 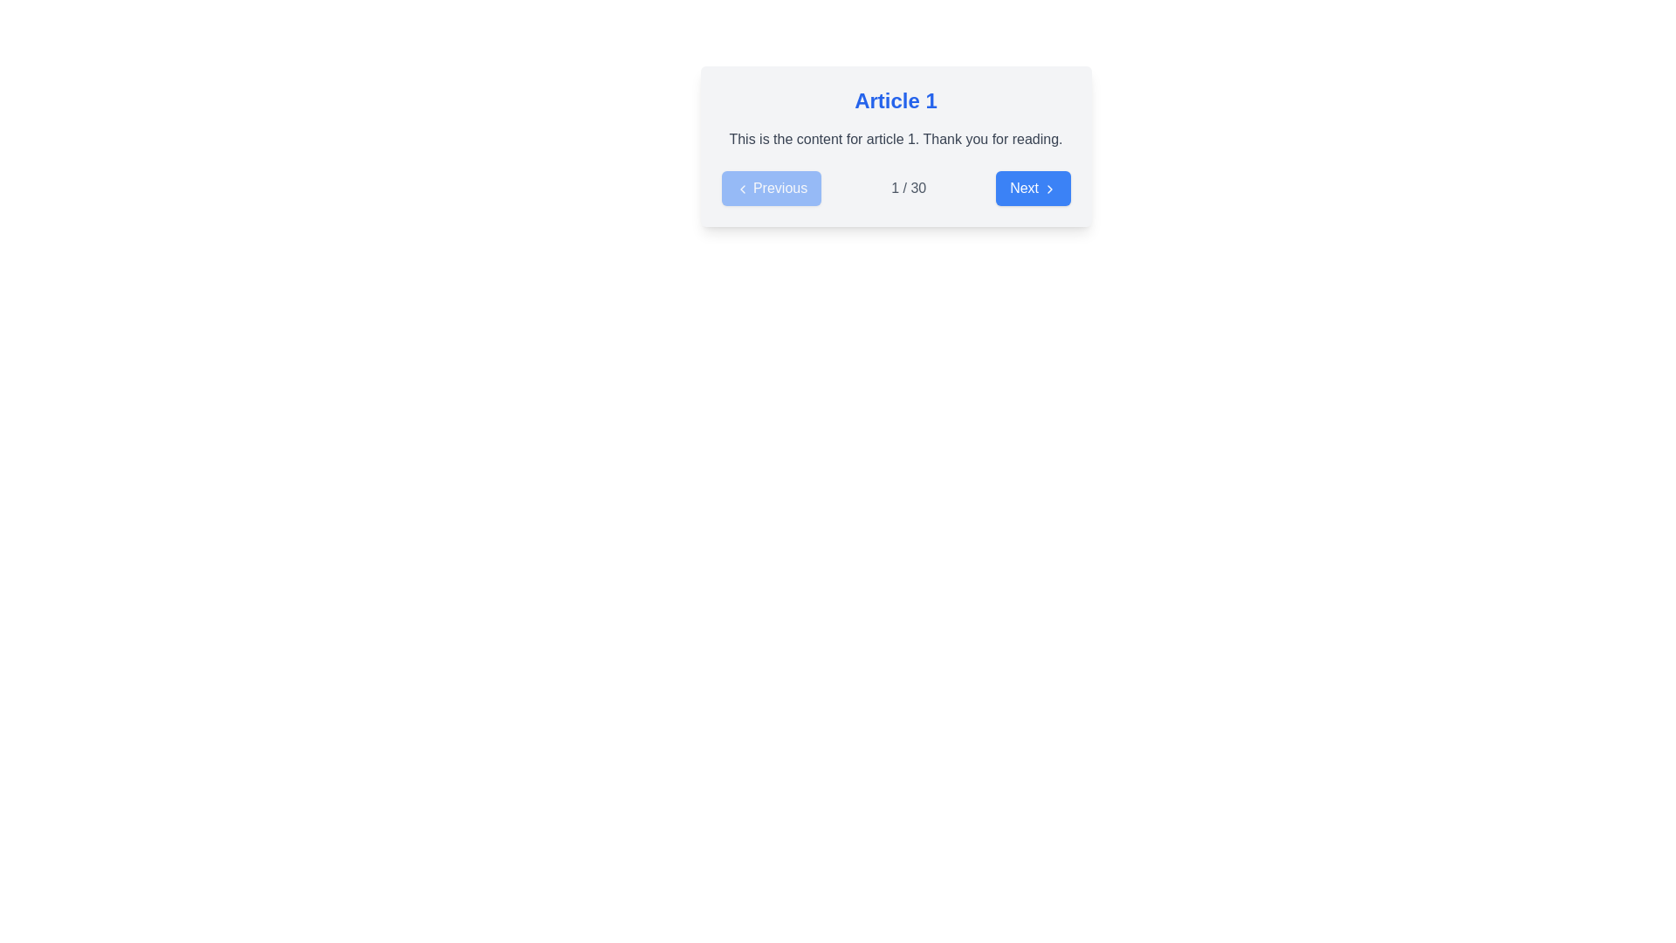 What do you see at coordinates (1048, 189) in the screenshot?
I see `the chevron arrow icon indicating forward navigation, which is positioned inside the 'Next' button to the right of the text 'Next'` at bounding box center [1048, 189].